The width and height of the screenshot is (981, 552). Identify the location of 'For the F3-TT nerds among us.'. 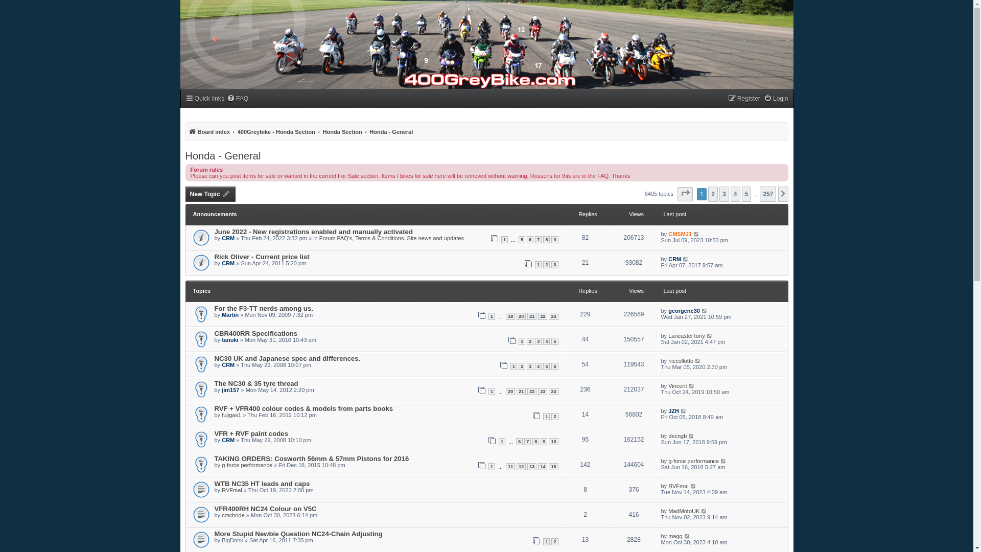
(264, 308).